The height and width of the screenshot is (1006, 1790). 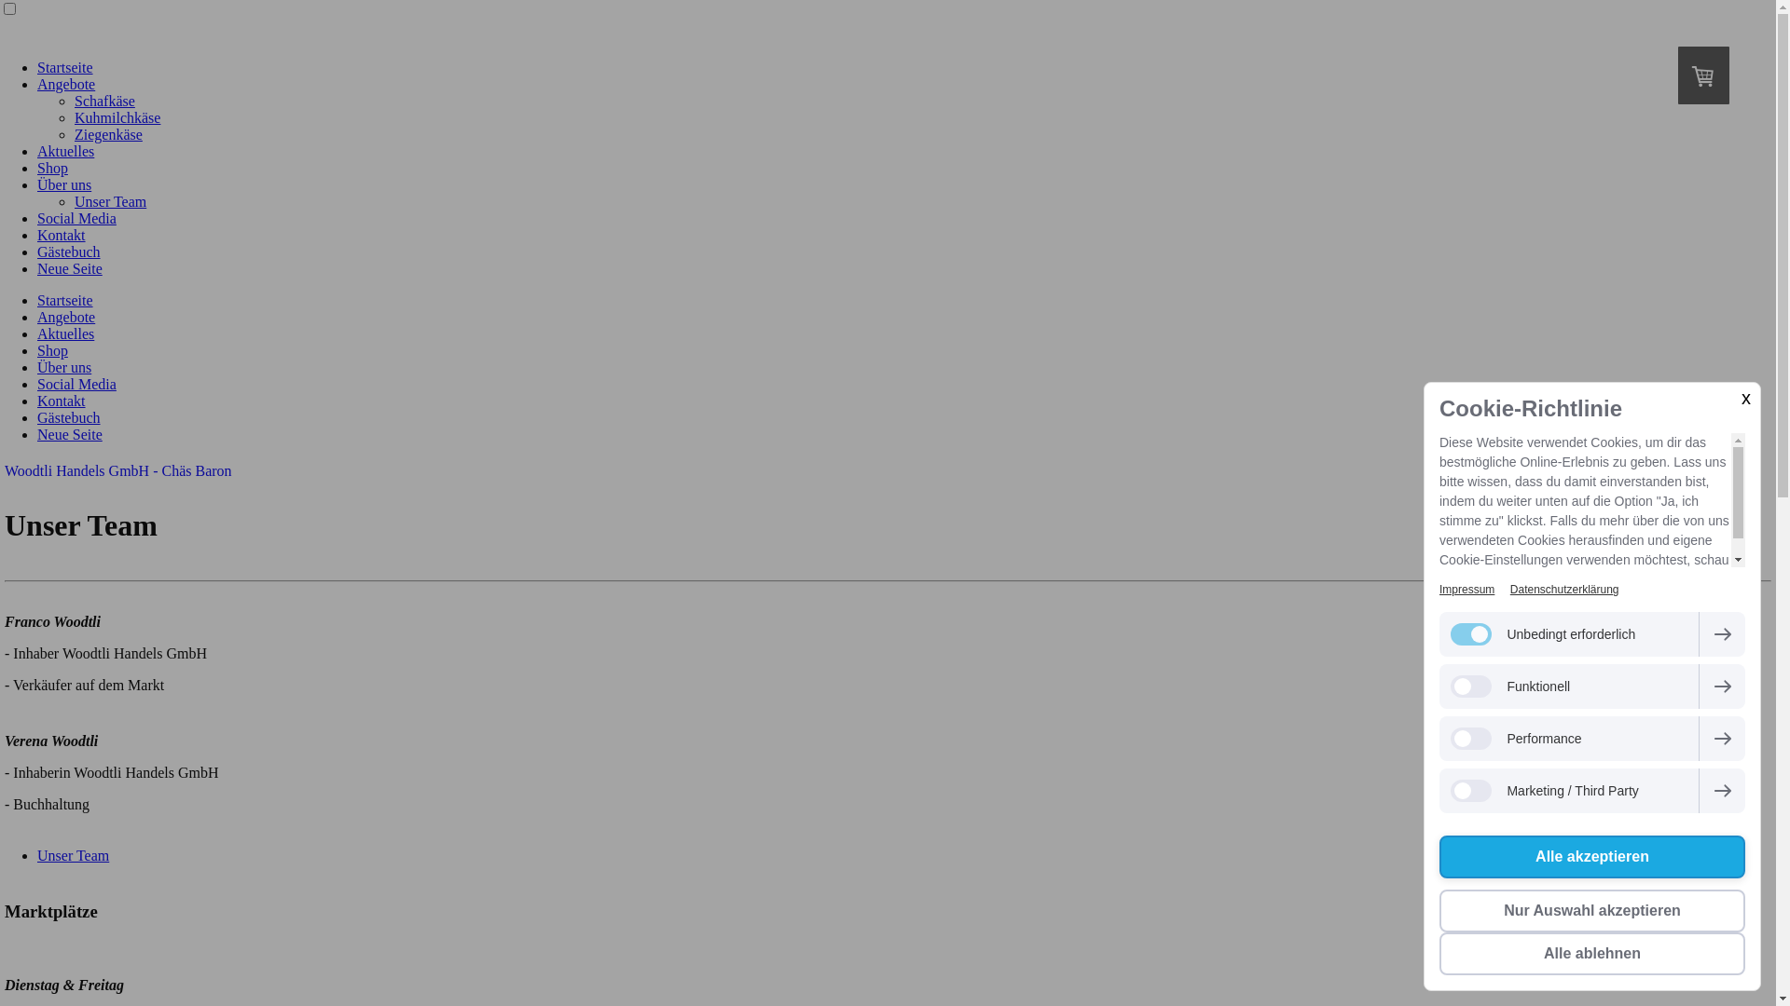 What do you see at coordinates (65, 150) in the screenshot?
I see `'Aktuelles'` at bounding box center [65, 150].